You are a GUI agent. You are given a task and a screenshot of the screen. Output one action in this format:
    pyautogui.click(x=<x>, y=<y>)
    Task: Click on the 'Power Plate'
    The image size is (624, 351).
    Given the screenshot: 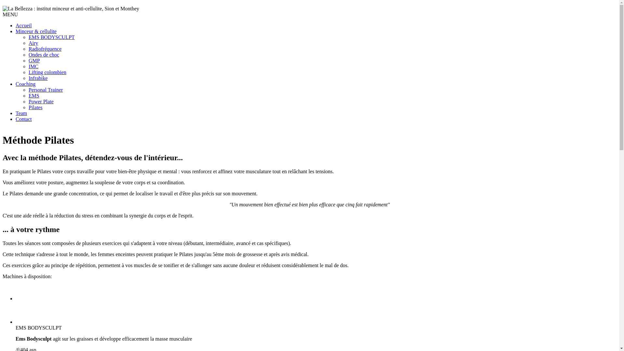 What is the action you would take?
    pyautogui.click(x=41, y=101)
    